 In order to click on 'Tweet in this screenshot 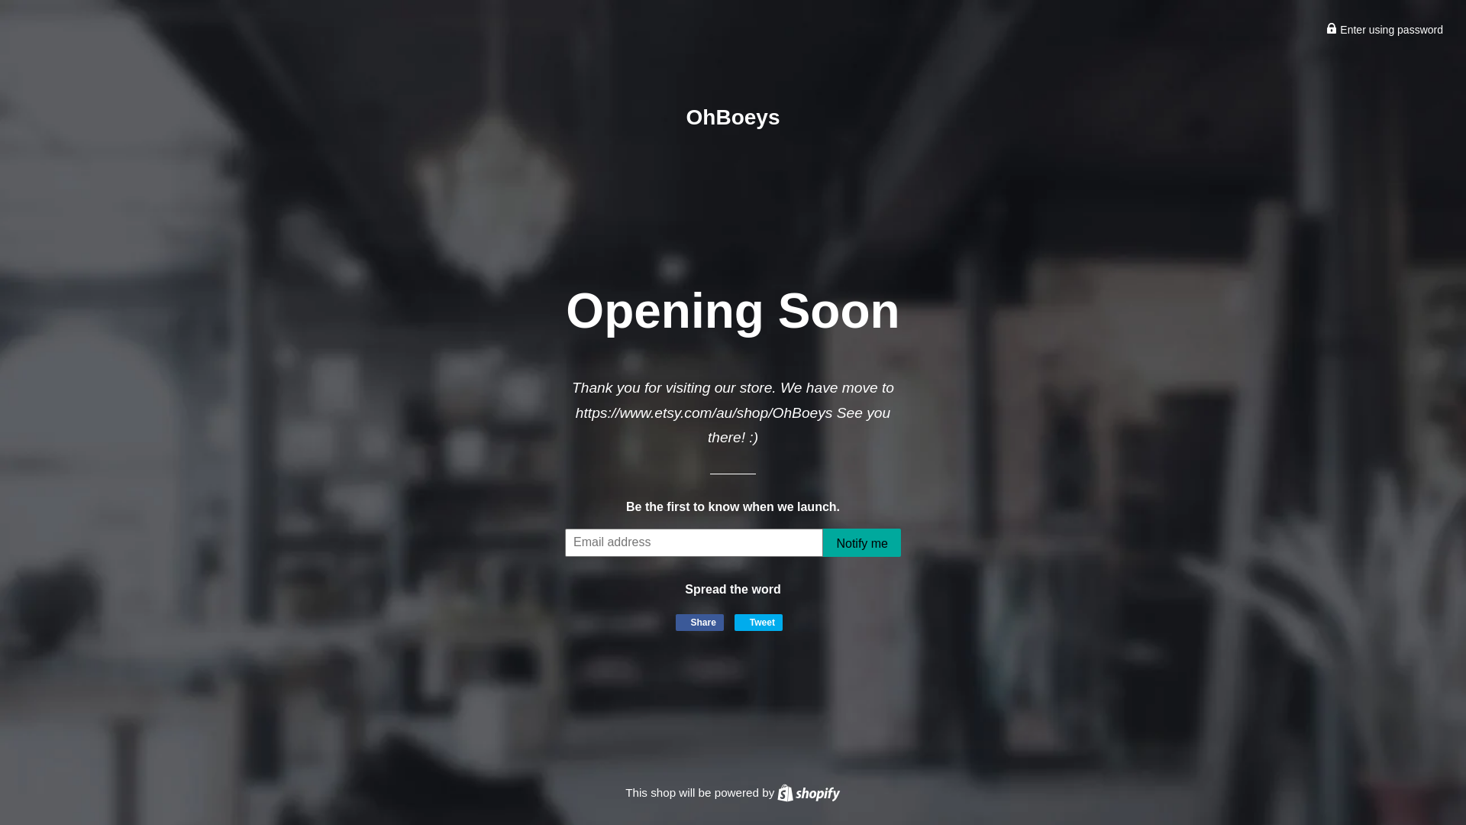, I will do `click(758, 622)`.